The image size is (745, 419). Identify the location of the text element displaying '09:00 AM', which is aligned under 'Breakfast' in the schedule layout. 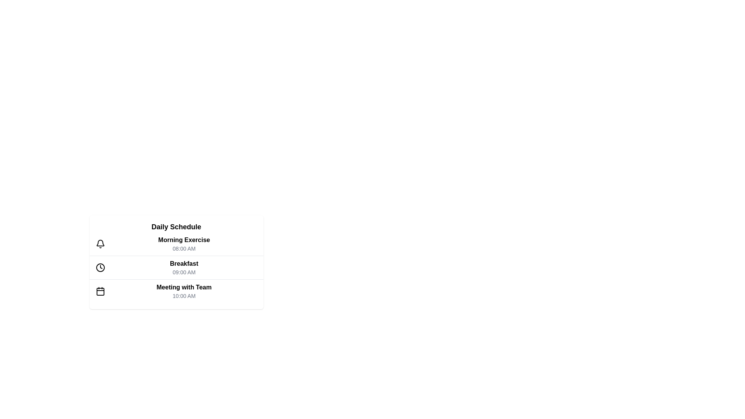
(184, 272).